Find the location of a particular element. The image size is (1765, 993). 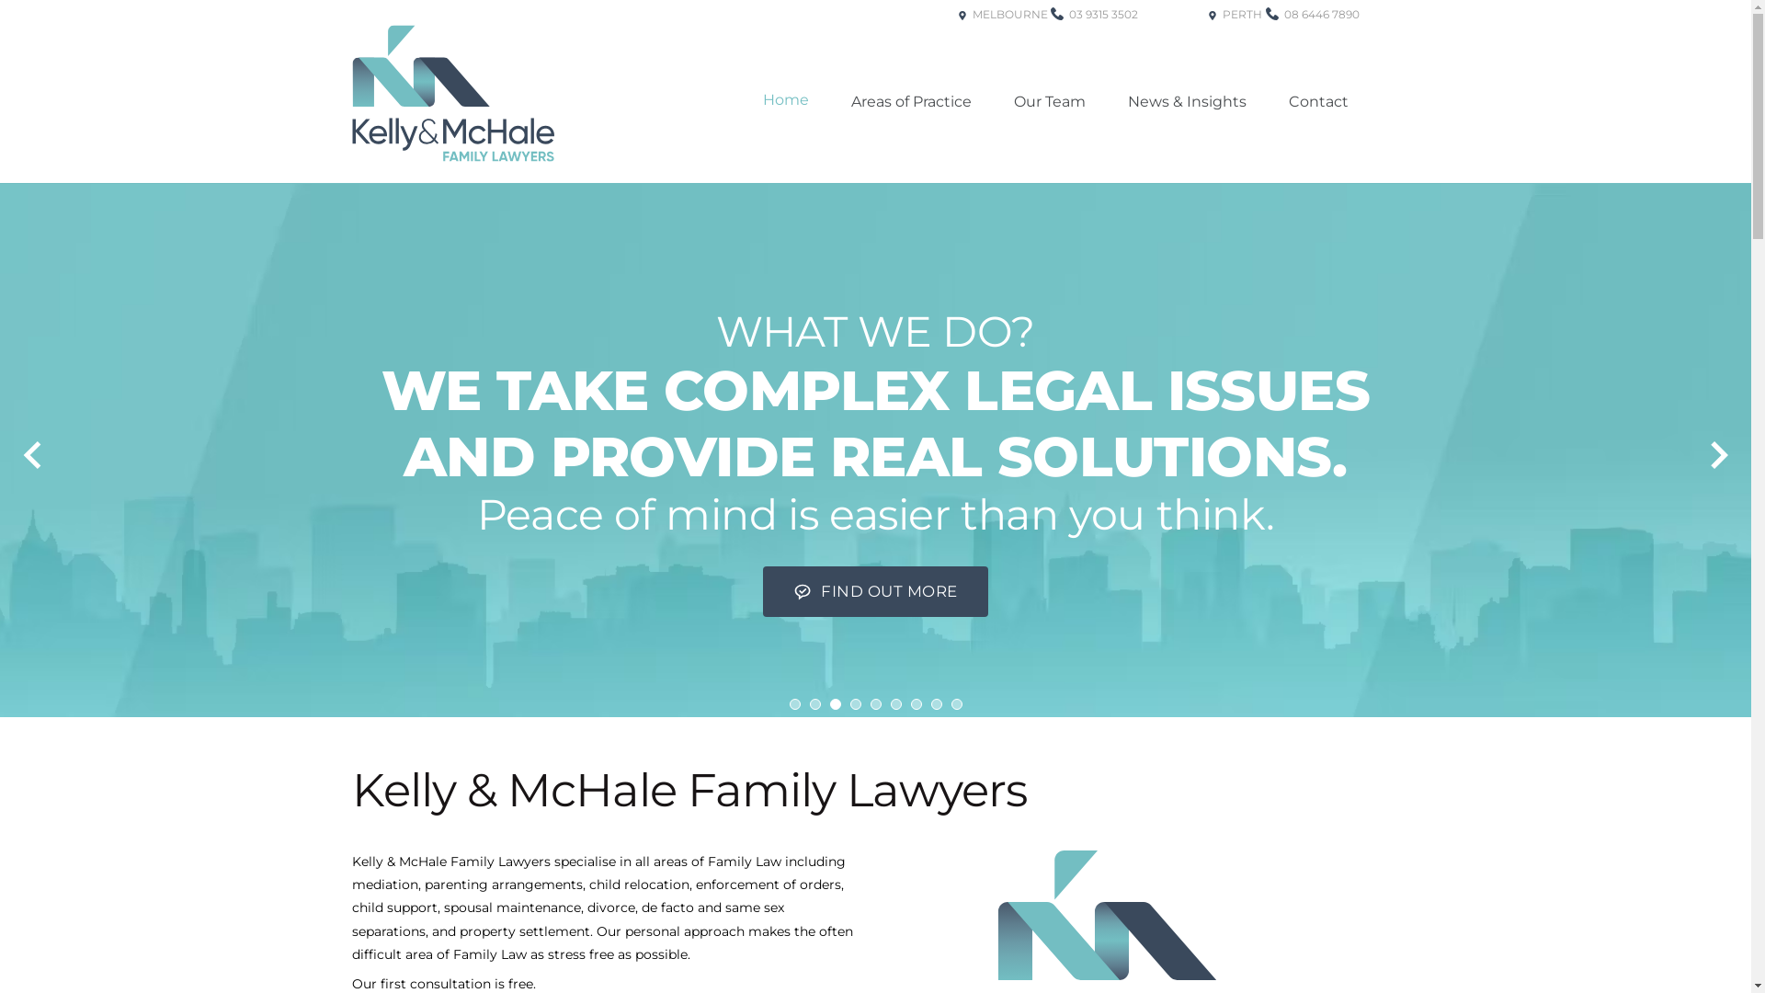

'03 9315 3502' is located at coordinates (1094, 42).